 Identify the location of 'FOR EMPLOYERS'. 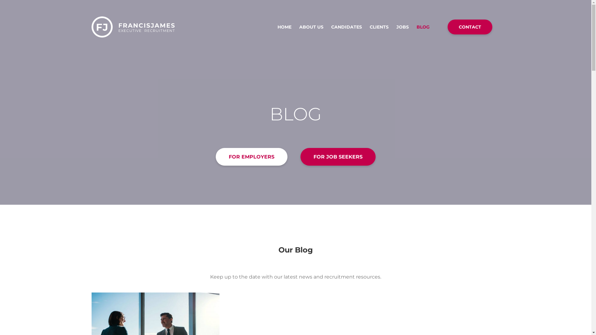
(251, 156).